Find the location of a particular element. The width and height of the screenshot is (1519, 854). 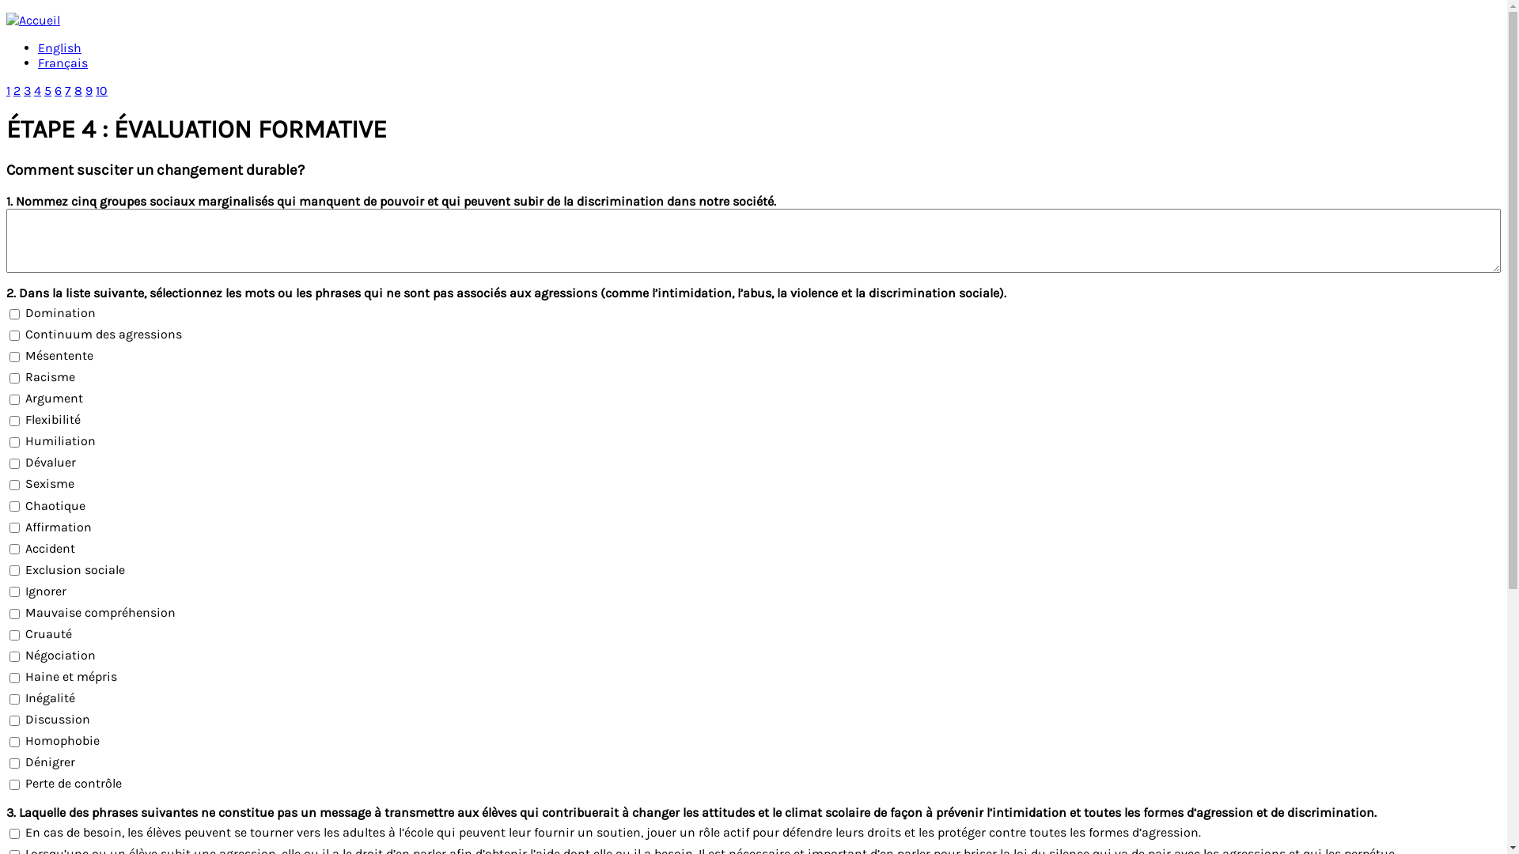

'Jump to navigation' is located at coordinates (63, 13).